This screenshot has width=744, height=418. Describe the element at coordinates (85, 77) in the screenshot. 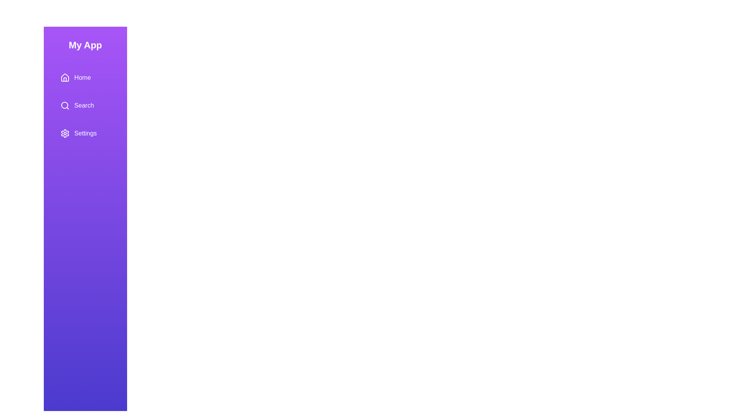

I see `the menu item Home to open the context menu` at that location.